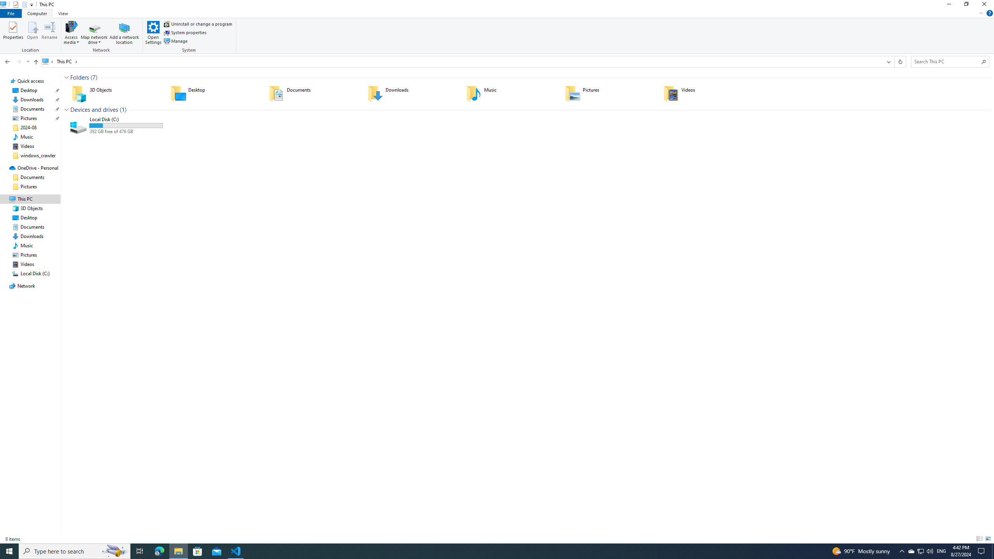 This screenshot has width=994, height=559. I want to click on 'Refresh "This PC" (F5)', so click(900, 61).